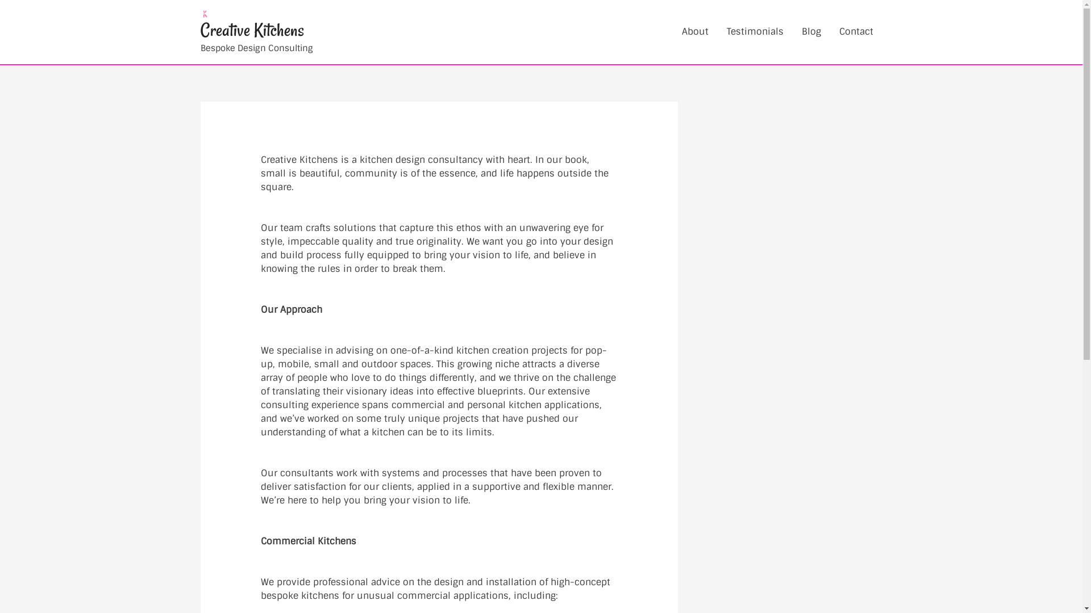  What do you see at coordinates (694, 31) in the screenshot?
I see `'About'` at bounding box center [694, 31].